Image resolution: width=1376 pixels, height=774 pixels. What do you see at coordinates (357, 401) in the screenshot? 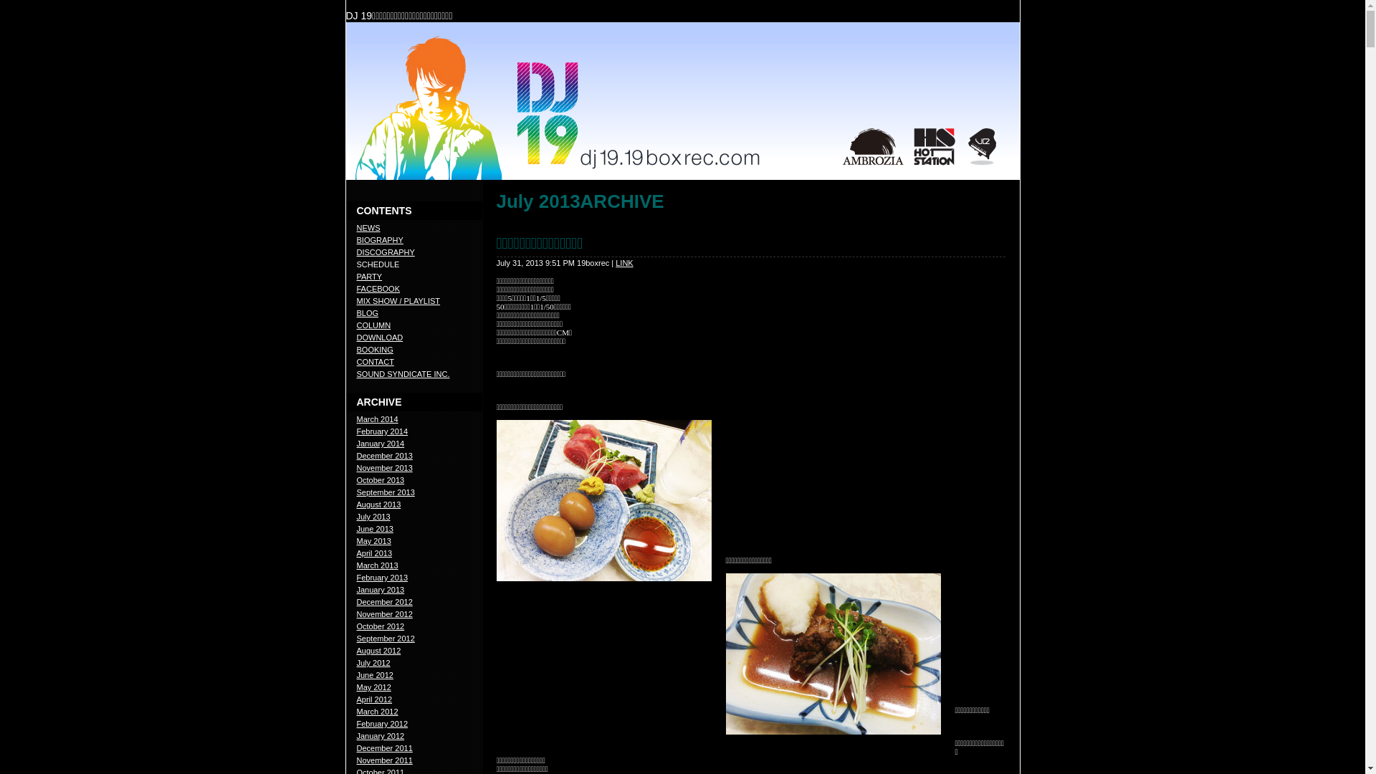
I see `'ARCHIVE'` at bounding box center [357, 401].